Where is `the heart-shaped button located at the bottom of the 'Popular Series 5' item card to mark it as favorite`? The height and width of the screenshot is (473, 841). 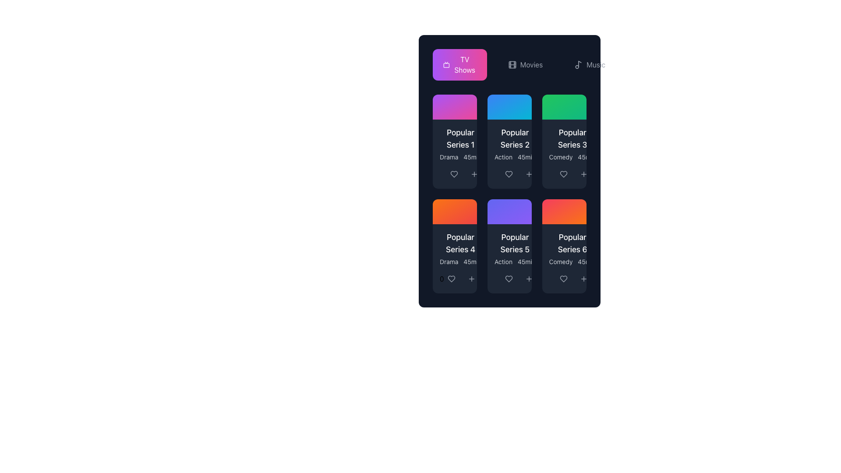
the heart-shaped button located at the bottom of the 'Popular Series 5' item card to mark it as favorite is located at coordinates (509, 279).